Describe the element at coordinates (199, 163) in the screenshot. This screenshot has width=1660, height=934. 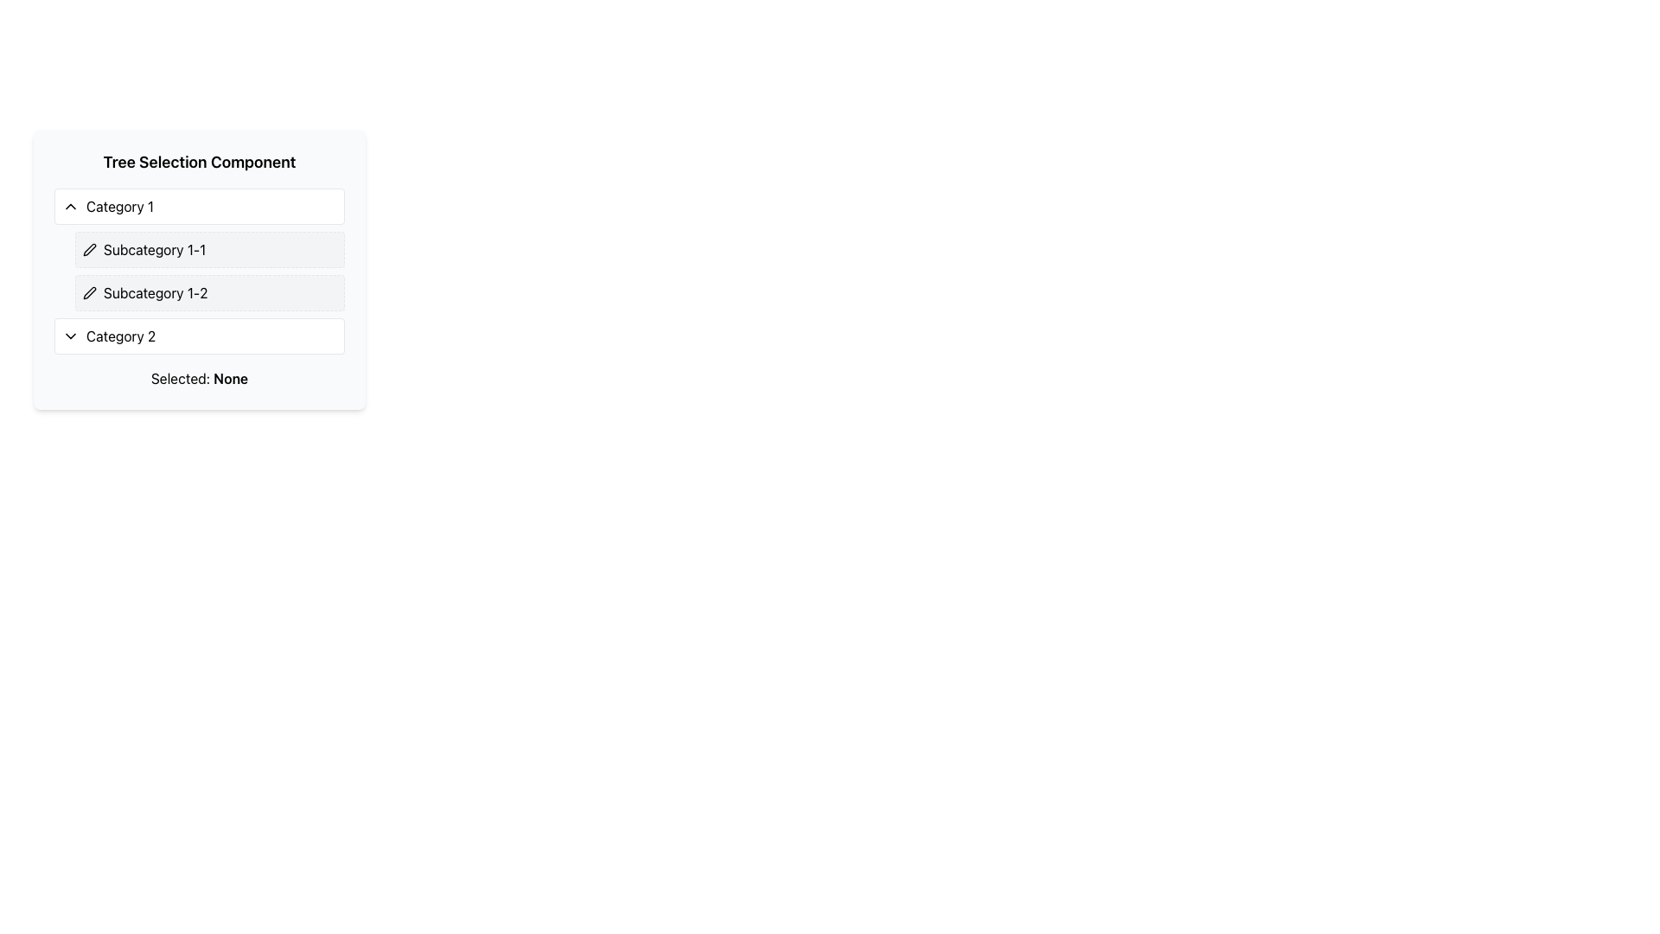
I see `the Text Header that serves as the title for the tree selection component, indicating its functionality` at that location.